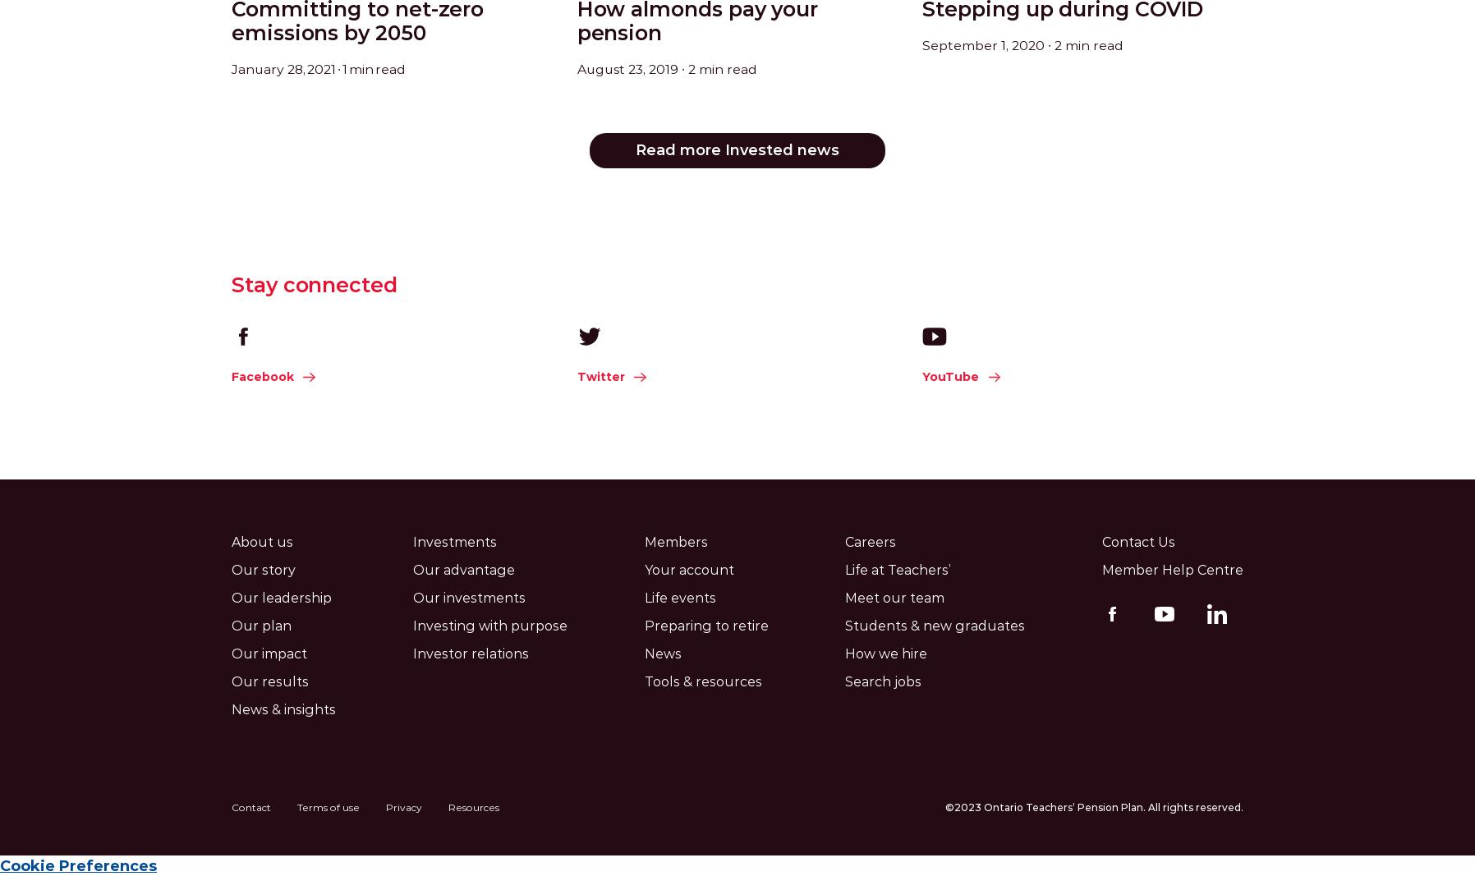  I want to click on 'How we hire', so click(885, 653).